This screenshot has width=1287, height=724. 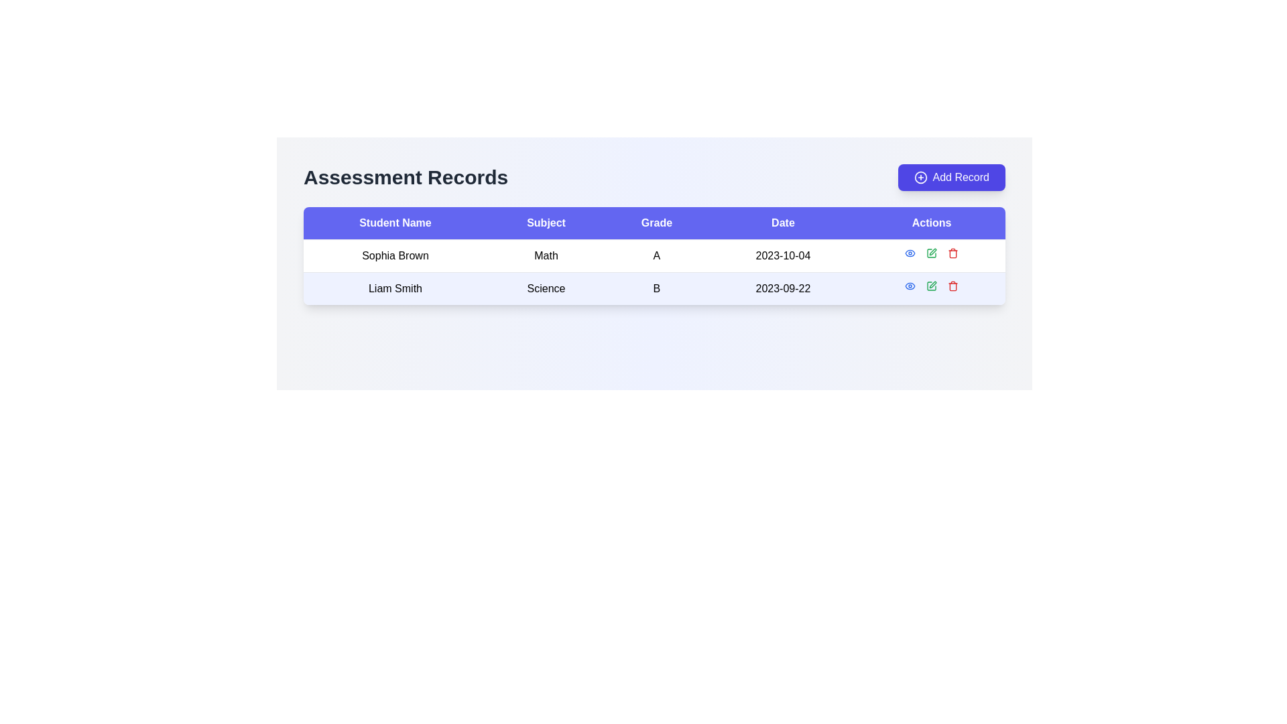 What do you see at coordinates (395, 255) in the screenshot?
I see `the text label displaying 'Sophia Brown' in the first row of the table under the 'Student Name' column` at bounding box center [395, 255].